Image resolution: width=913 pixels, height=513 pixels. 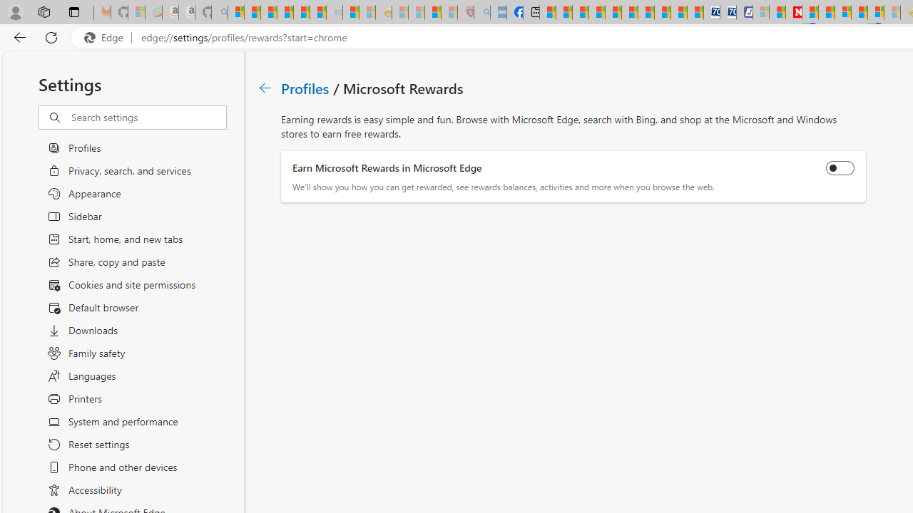 I want to click on 'New Report Confirms 2023 Was Record Hot | Watch', so click(x=301, y=12).